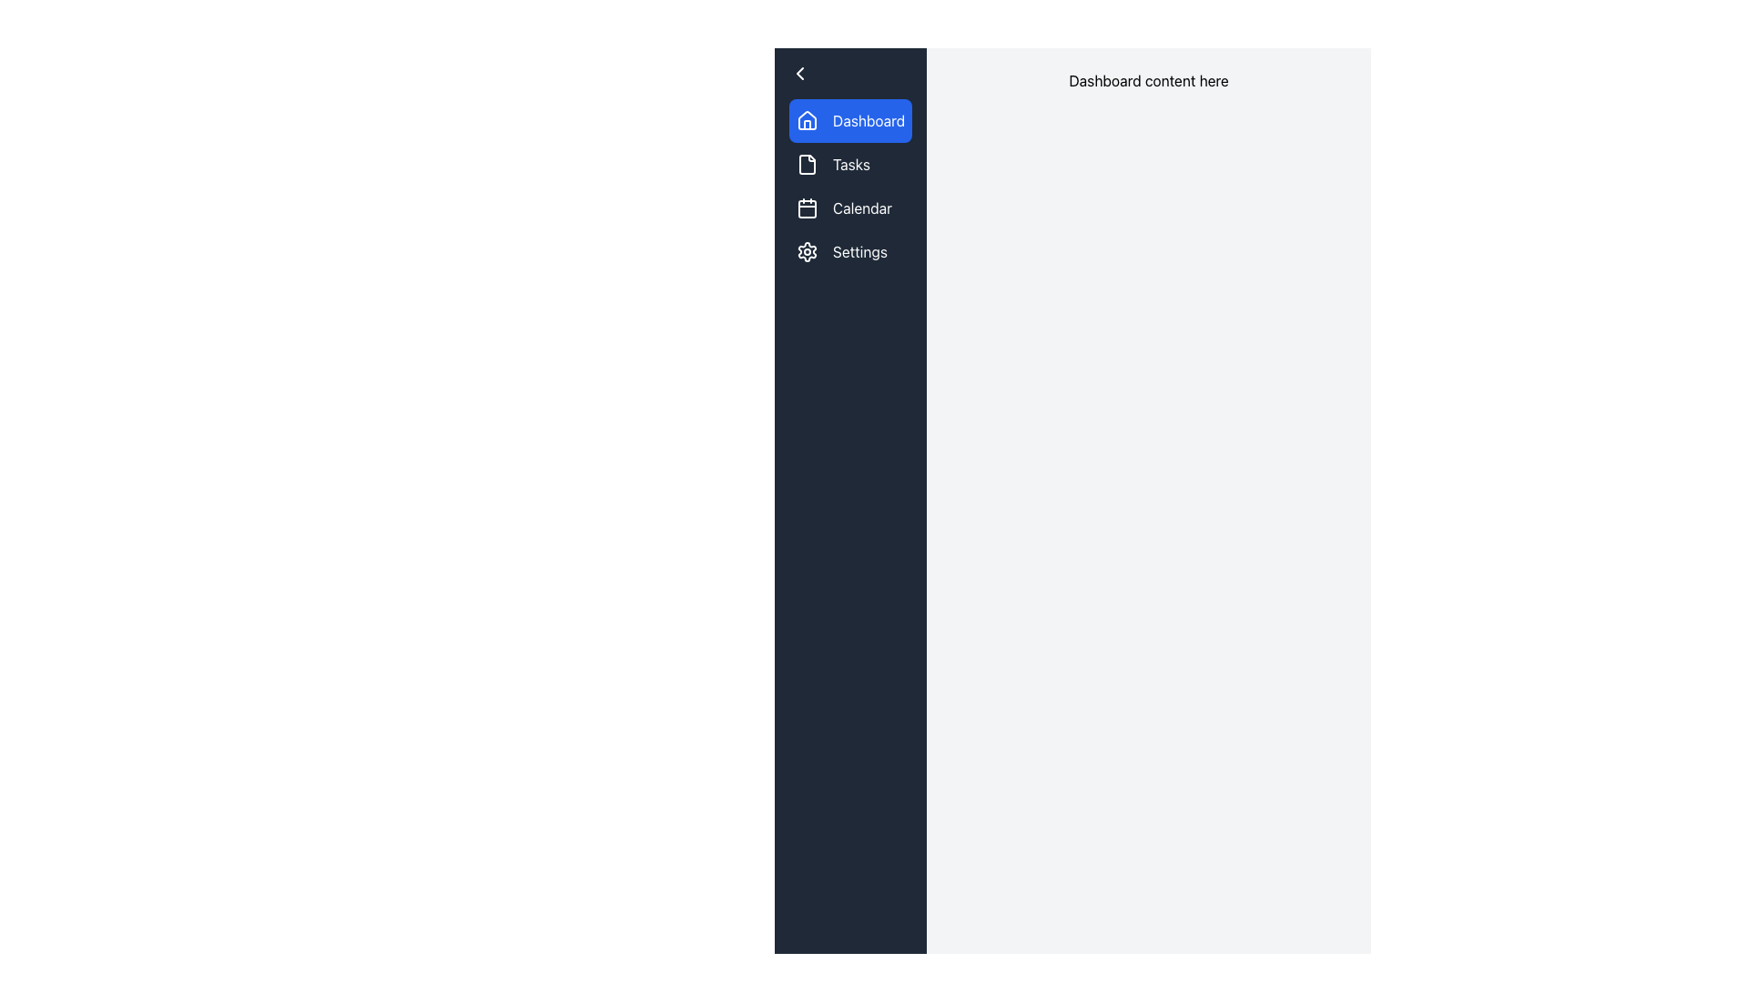 The height and width of the screenshot is (983, 1748). I want to click on the Settings button in the vertical sidebar menu, so click(849, 252).